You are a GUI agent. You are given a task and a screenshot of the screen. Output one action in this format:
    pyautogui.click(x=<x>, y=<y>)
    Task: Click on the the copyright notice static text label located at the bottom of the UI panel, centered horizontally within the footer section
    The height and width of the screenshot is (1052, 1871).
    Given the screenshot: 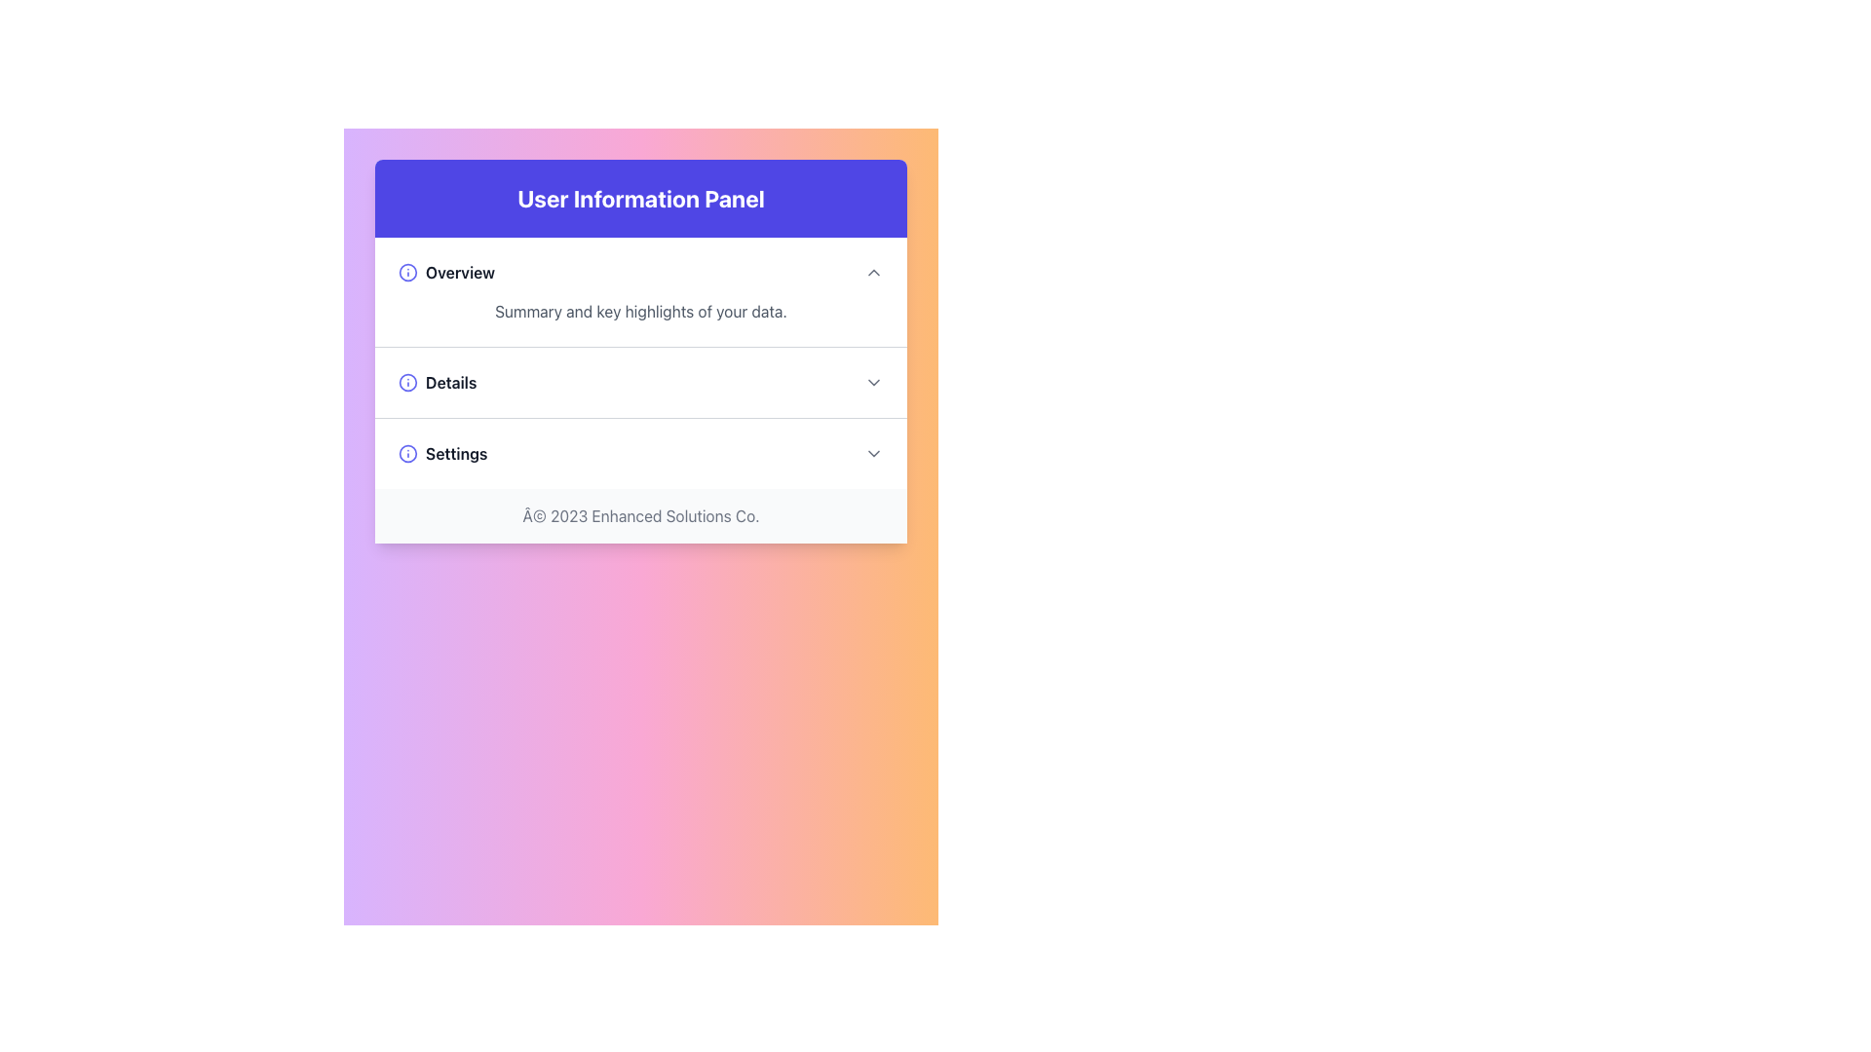 What is the action you would take?
    pyautogui.click(x=640, y=514)
    